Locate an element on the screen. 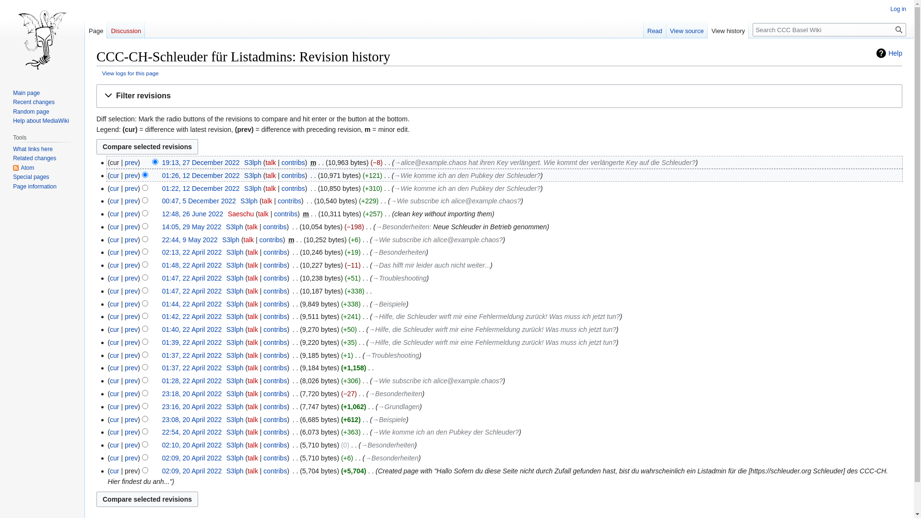  'Page information' is located at coordinates (35, 187).